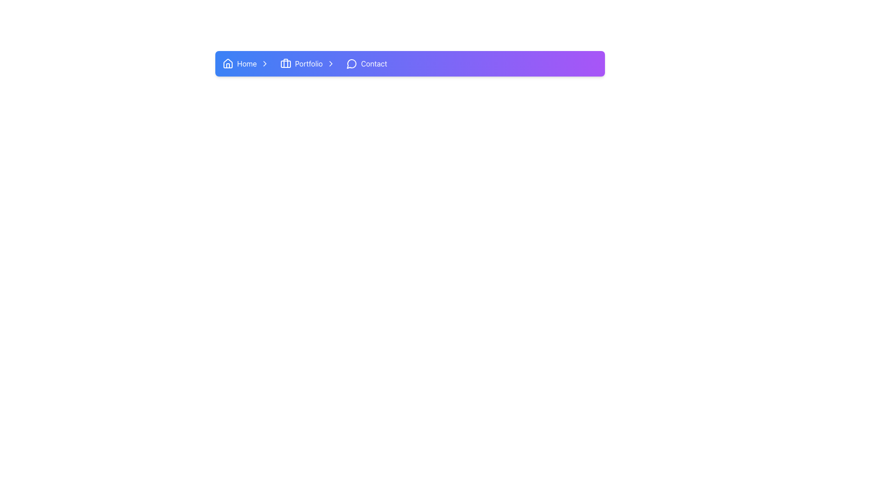  What do you see at coordinates (247, 63) in the screenshot?
I see `the 'Home' link in the blue navigation bar` at bounding box center [247, 63].